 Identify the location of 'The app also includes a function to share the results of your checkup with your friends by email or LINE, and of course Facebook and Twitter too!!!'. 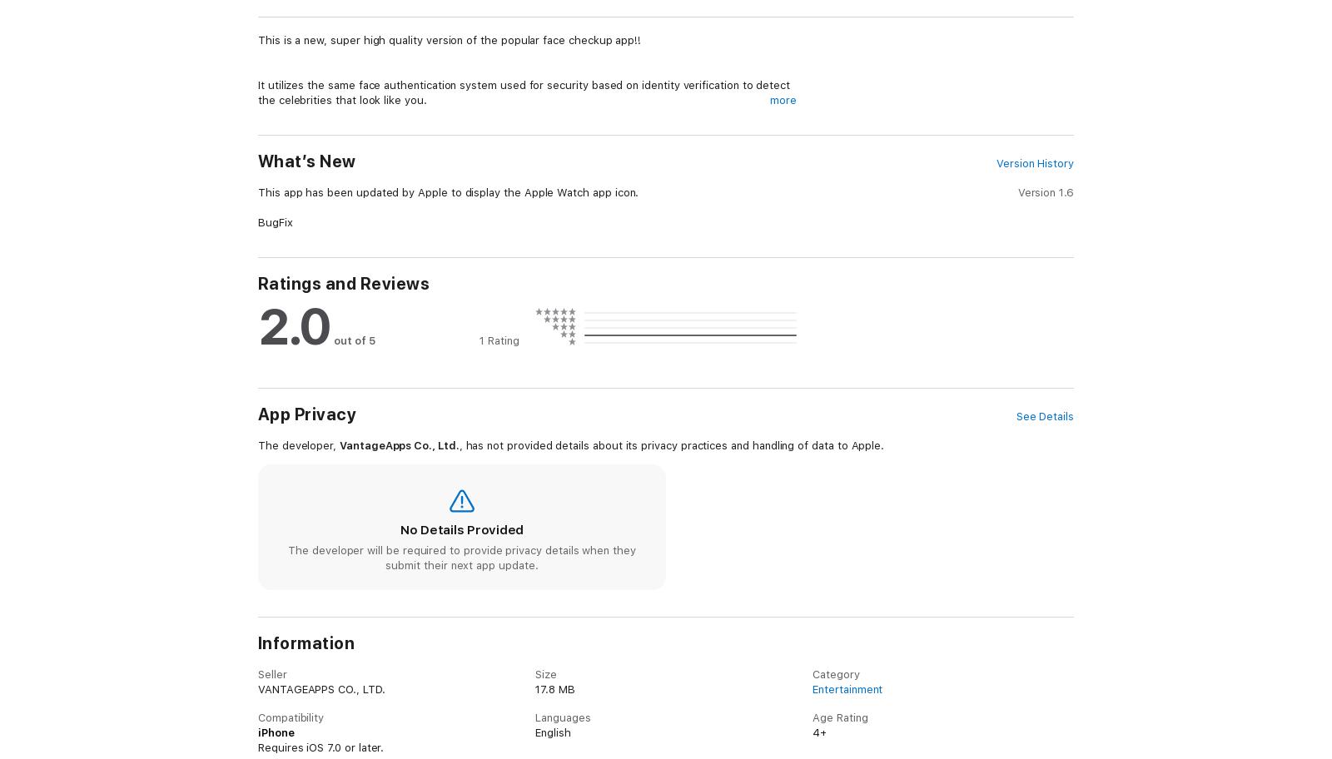
(525, 647).